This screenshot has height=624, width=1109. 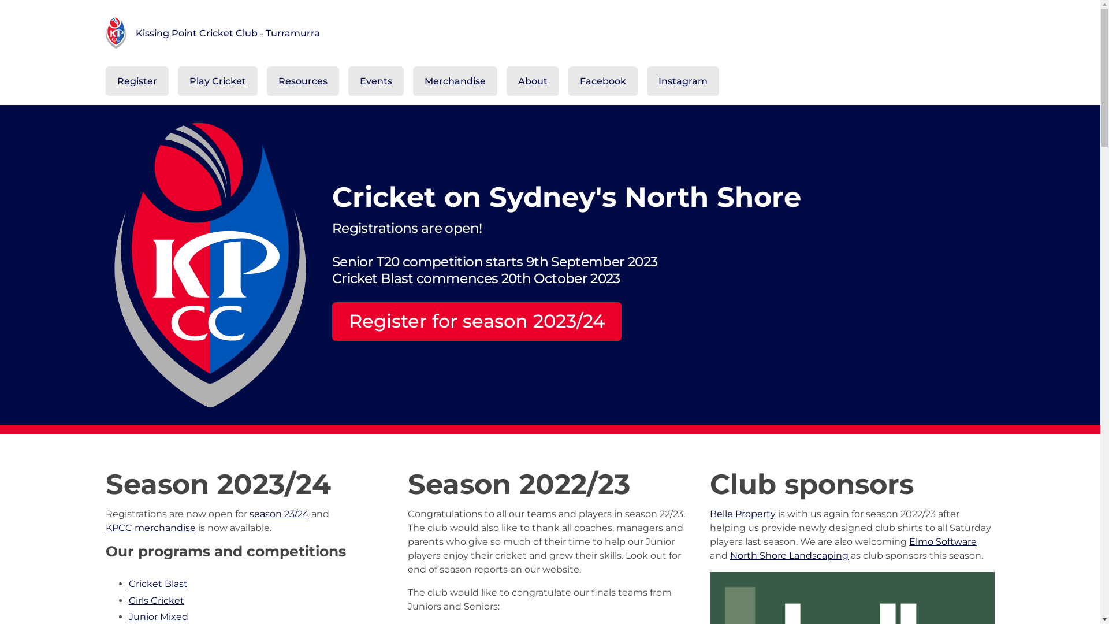 I want to click on 'Resources', so click(x=266, y=80).